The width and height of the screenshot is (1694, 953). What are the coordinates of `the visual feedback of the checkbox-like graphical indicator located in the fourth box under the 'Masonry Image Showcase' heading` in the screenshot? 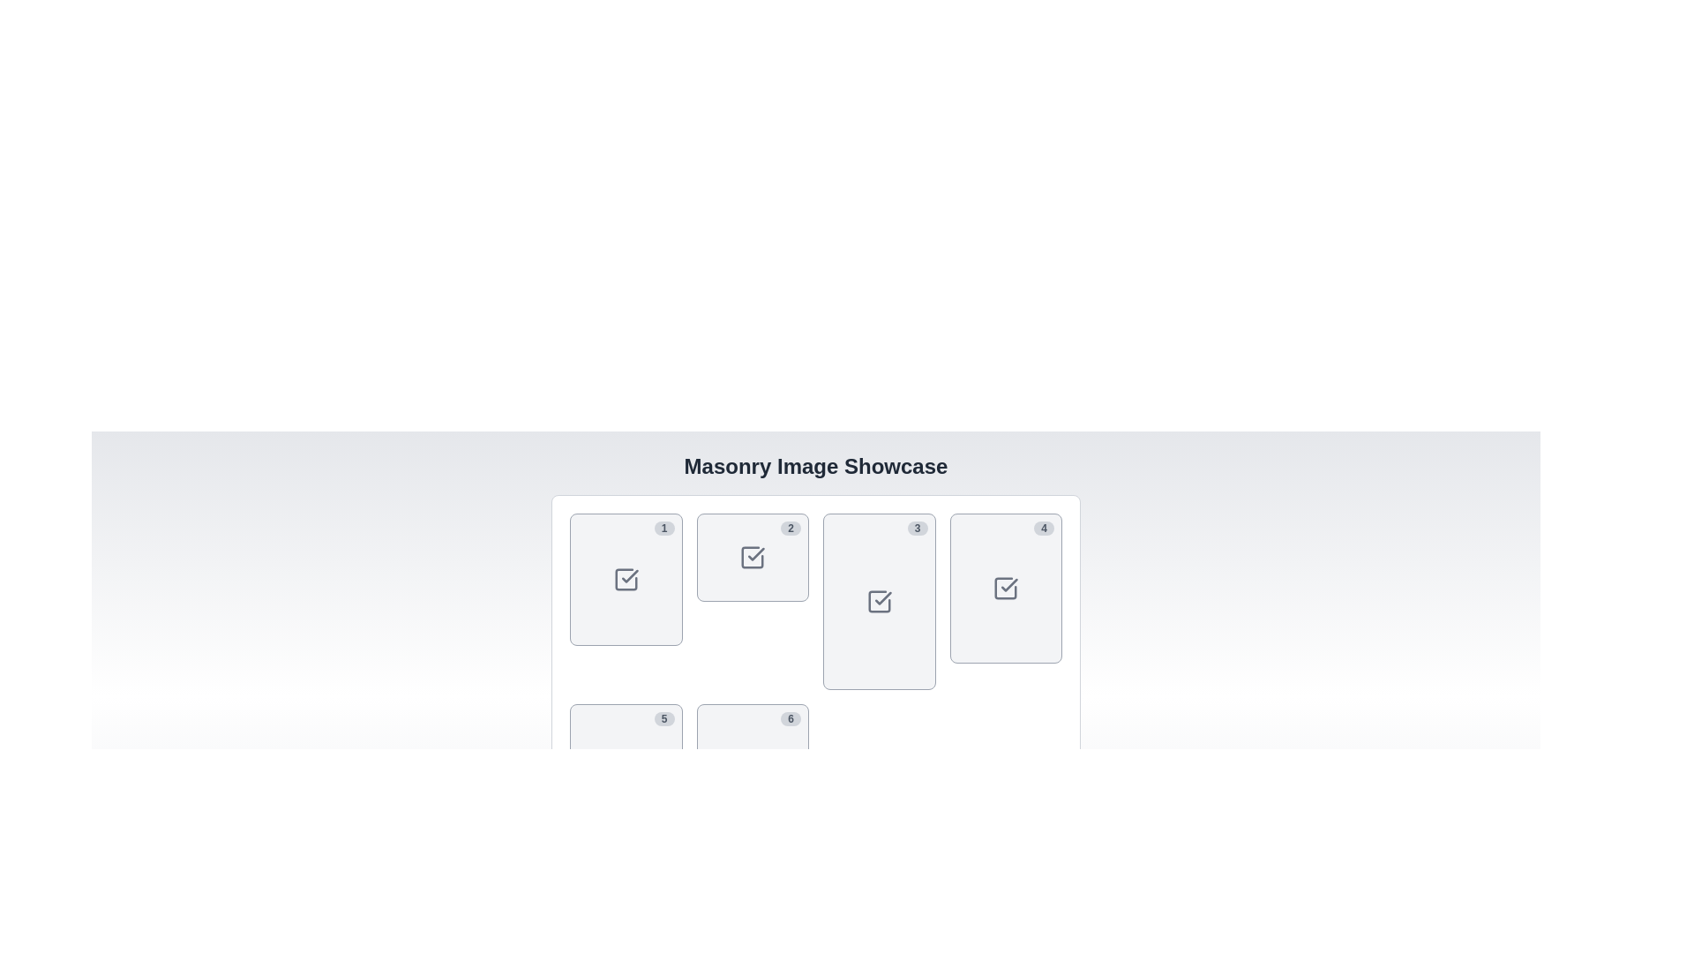 It's located at (1006, 589).